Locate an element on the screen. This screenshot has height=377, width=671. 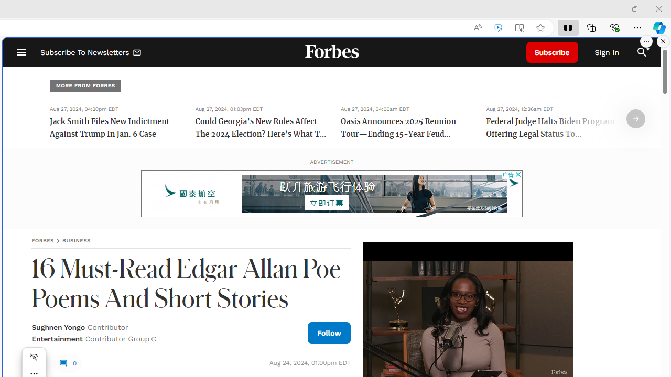
'Class: fs-icon fs-icon--info' is located at coordinates (153, 339).